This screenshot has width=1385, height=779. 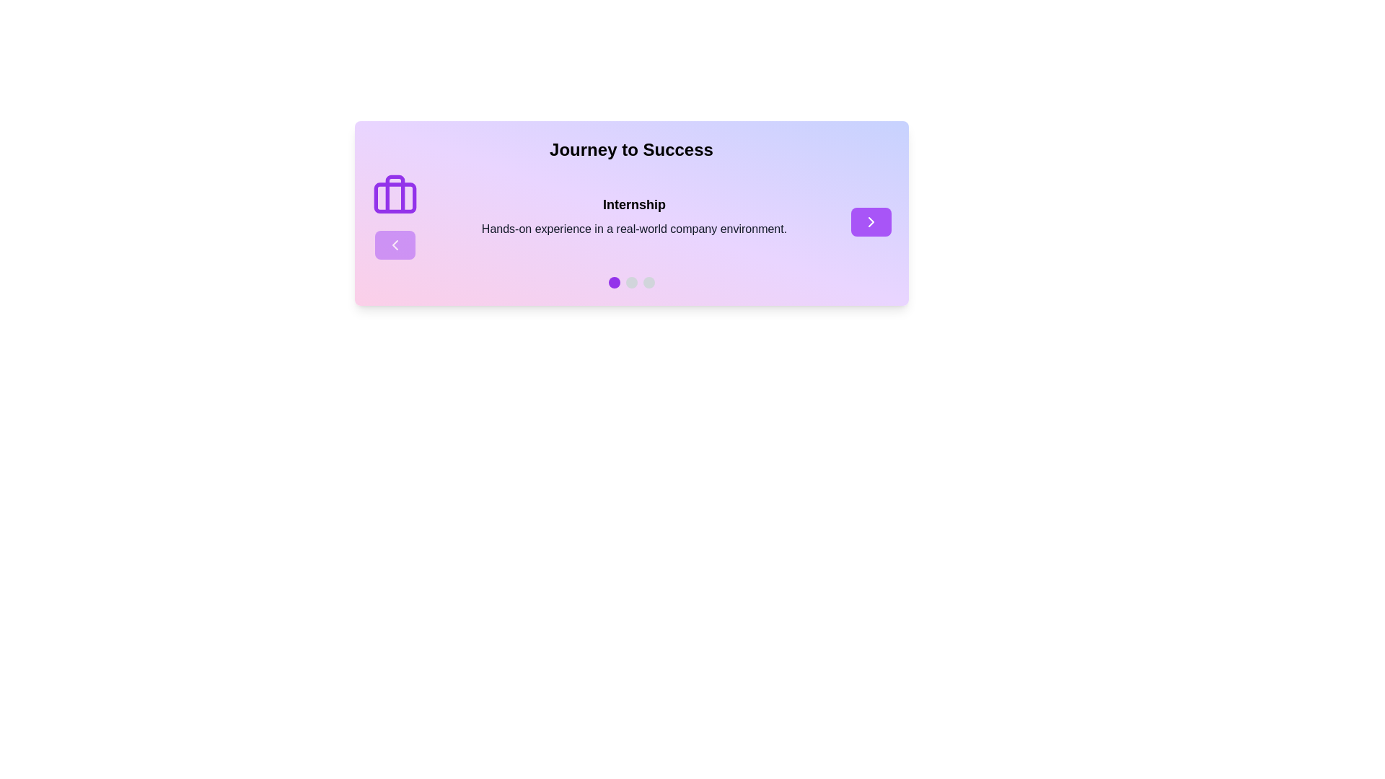 I want to click on the first progress indicator located at the bottom center of the interface, which serves as a visual marker for the current step in a sequence, so click(x=614, y=283).